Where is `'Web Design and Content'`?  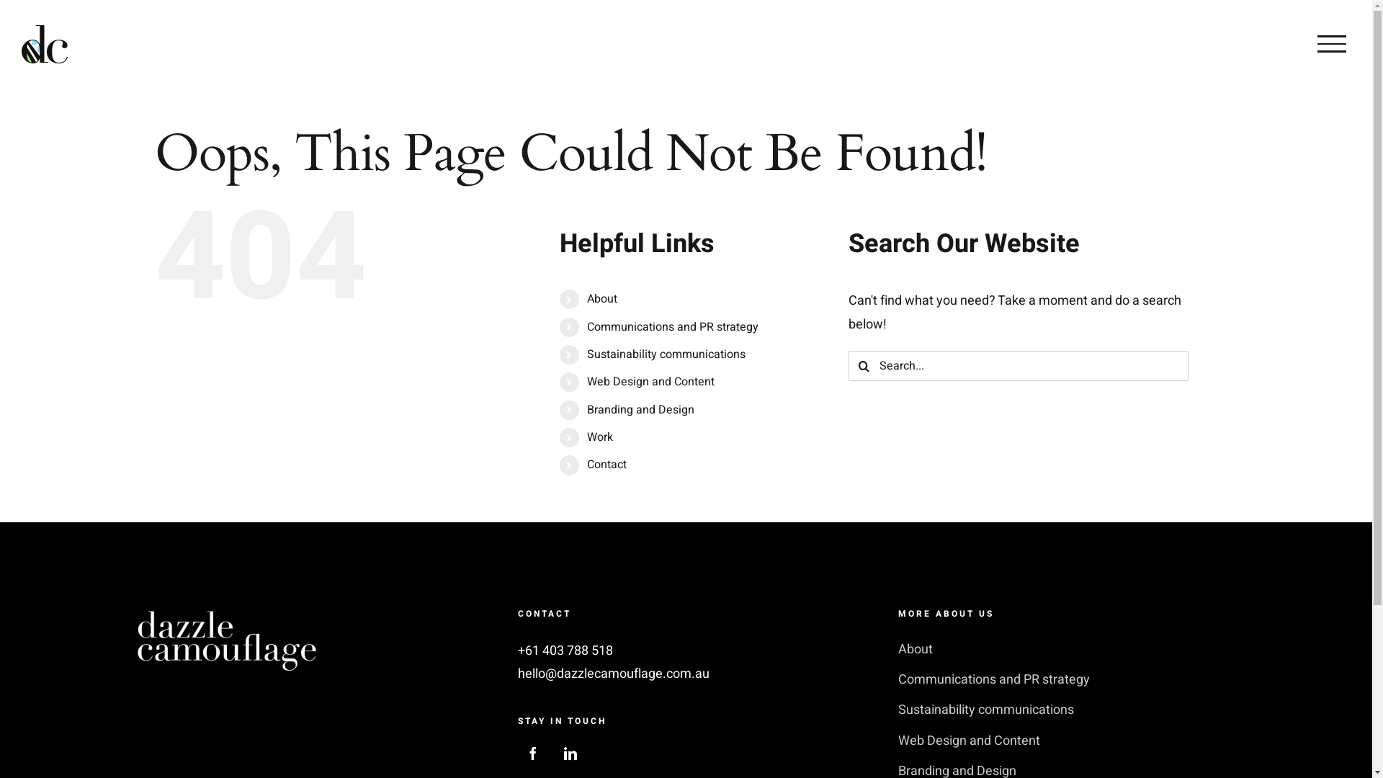 'Web Design and Content' is located at coordinates (650, 380).